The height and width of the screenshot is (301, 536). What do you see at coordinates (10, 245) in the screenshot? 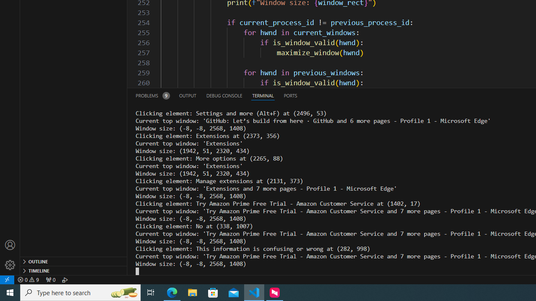
I see `'Accounts'` at bounding box center [10, 245].